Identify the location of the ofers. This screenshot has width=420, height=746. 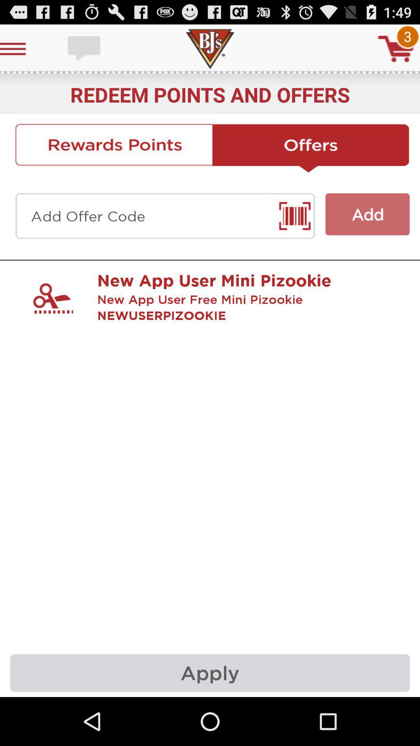
(311, 148).